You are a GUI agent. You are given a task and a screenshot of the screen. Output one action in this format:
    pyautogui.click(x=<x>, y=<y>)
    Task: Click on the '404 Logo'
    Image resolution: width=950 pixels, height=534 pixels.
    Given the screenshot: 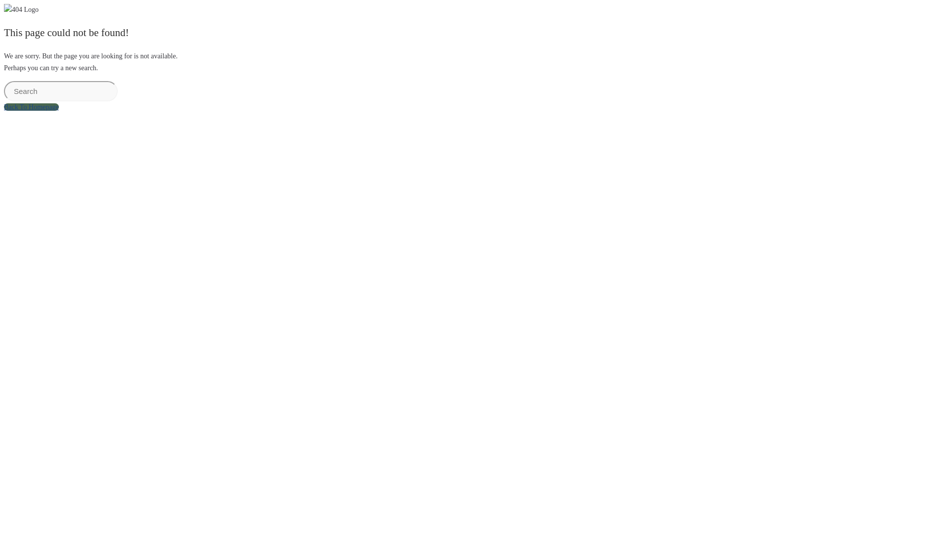 What is the action you would take?
    pyautogui.click(x=21, y=9)
    